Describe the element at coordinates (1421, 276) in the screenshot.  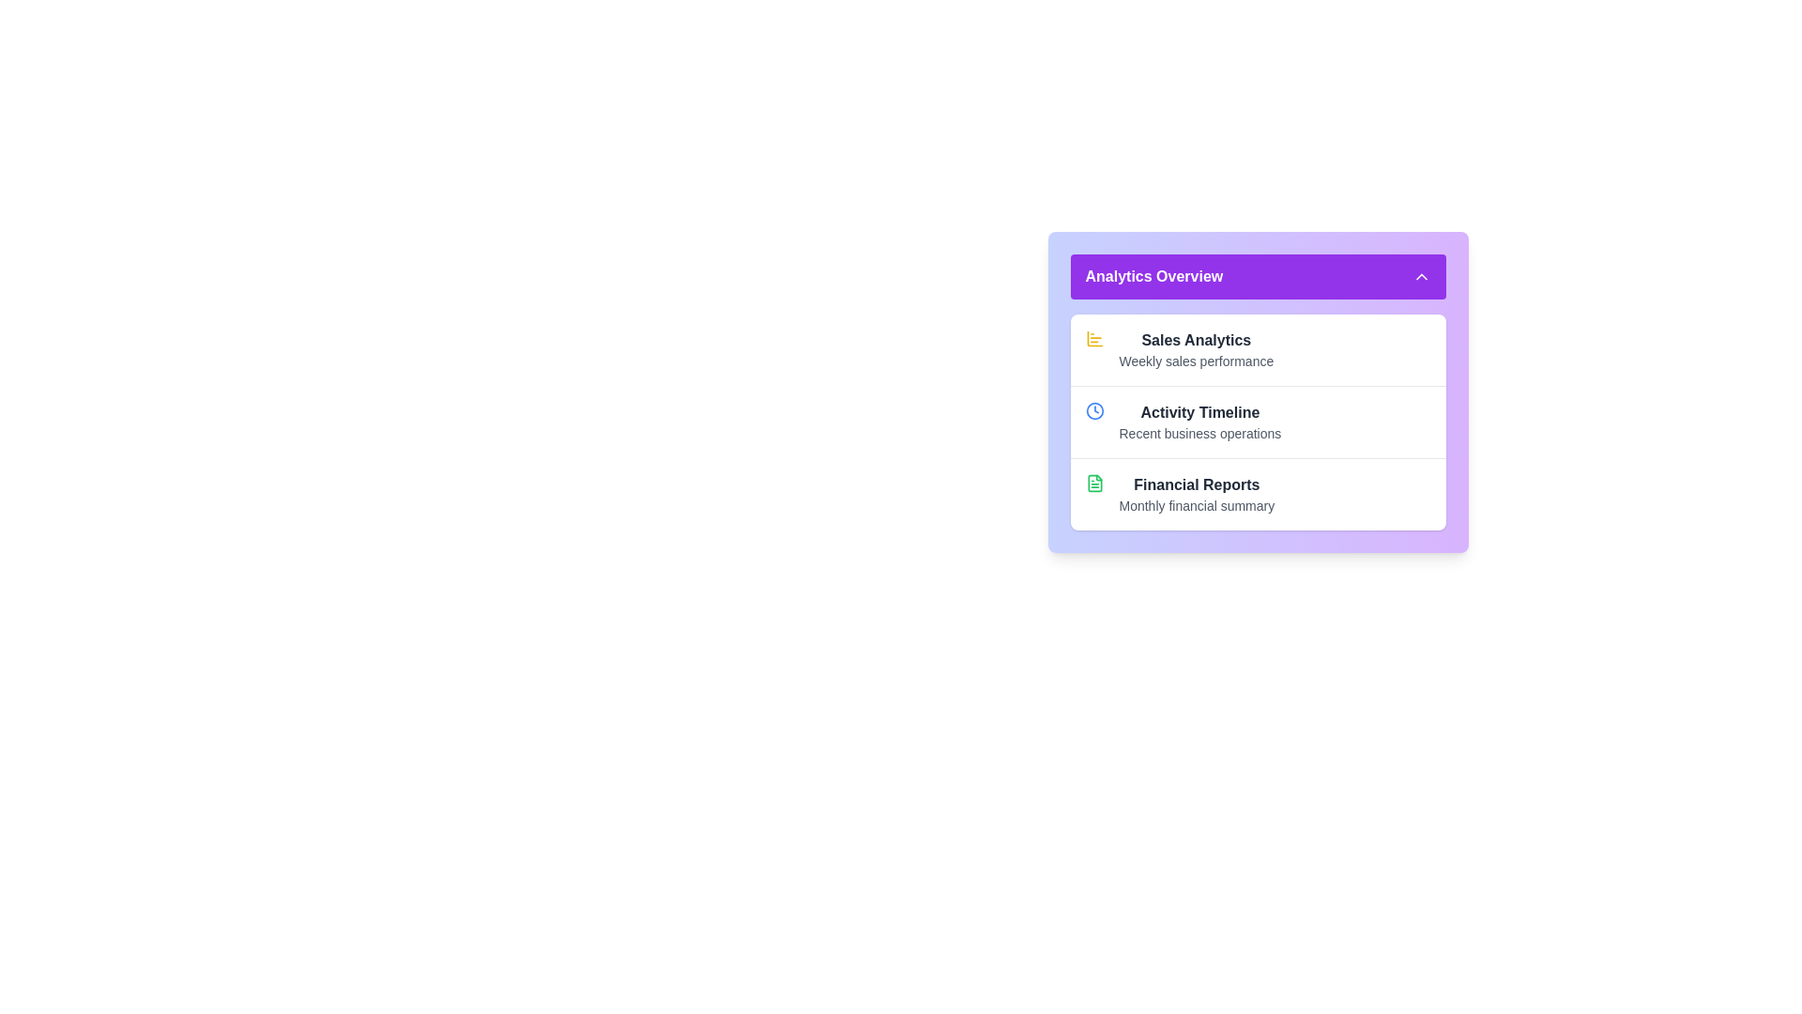
I see `the chevron icon located at the rightmost part of the 'Analytics Overview' header` at that location.